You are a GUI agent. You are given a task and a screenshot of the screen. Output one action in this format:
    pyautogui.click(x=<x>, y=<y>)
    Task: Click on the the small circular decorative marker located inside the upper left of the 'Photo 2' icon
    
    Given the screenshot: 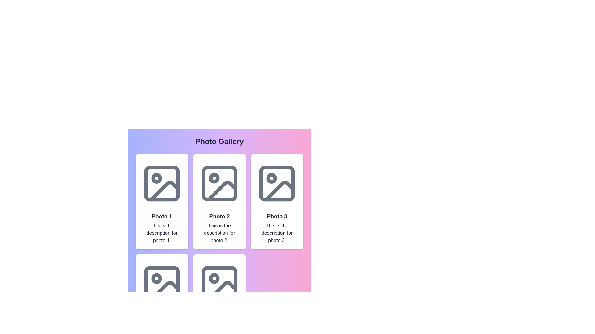 What is the action you would take?
    pyautogui.click(x=214, y=178)
    